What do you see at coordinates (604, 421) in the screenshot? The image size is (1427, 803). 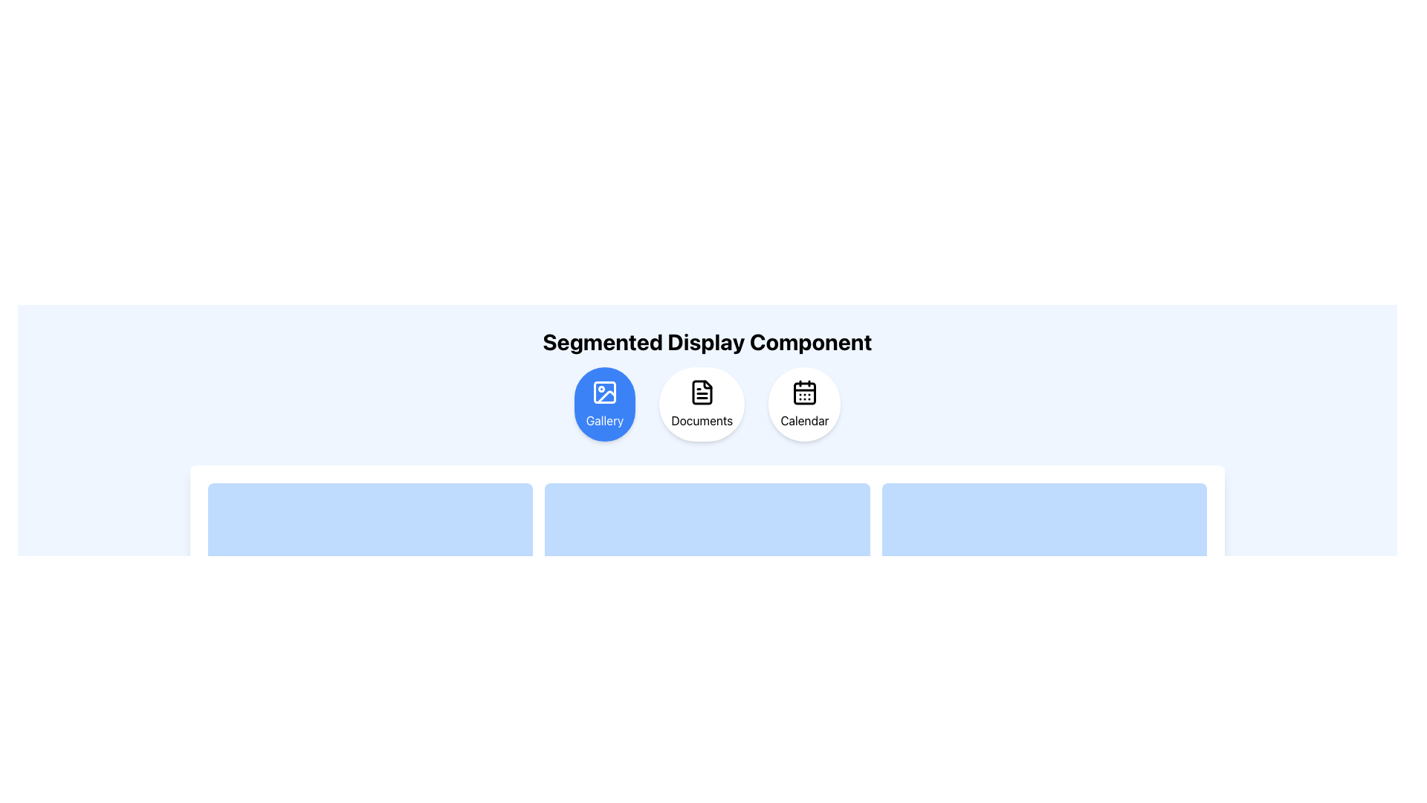 I see `text label displaying 'Gallery', which is styled in white font on a blue background and located below an image icon within a circular button` at bounding box center [604, 421].